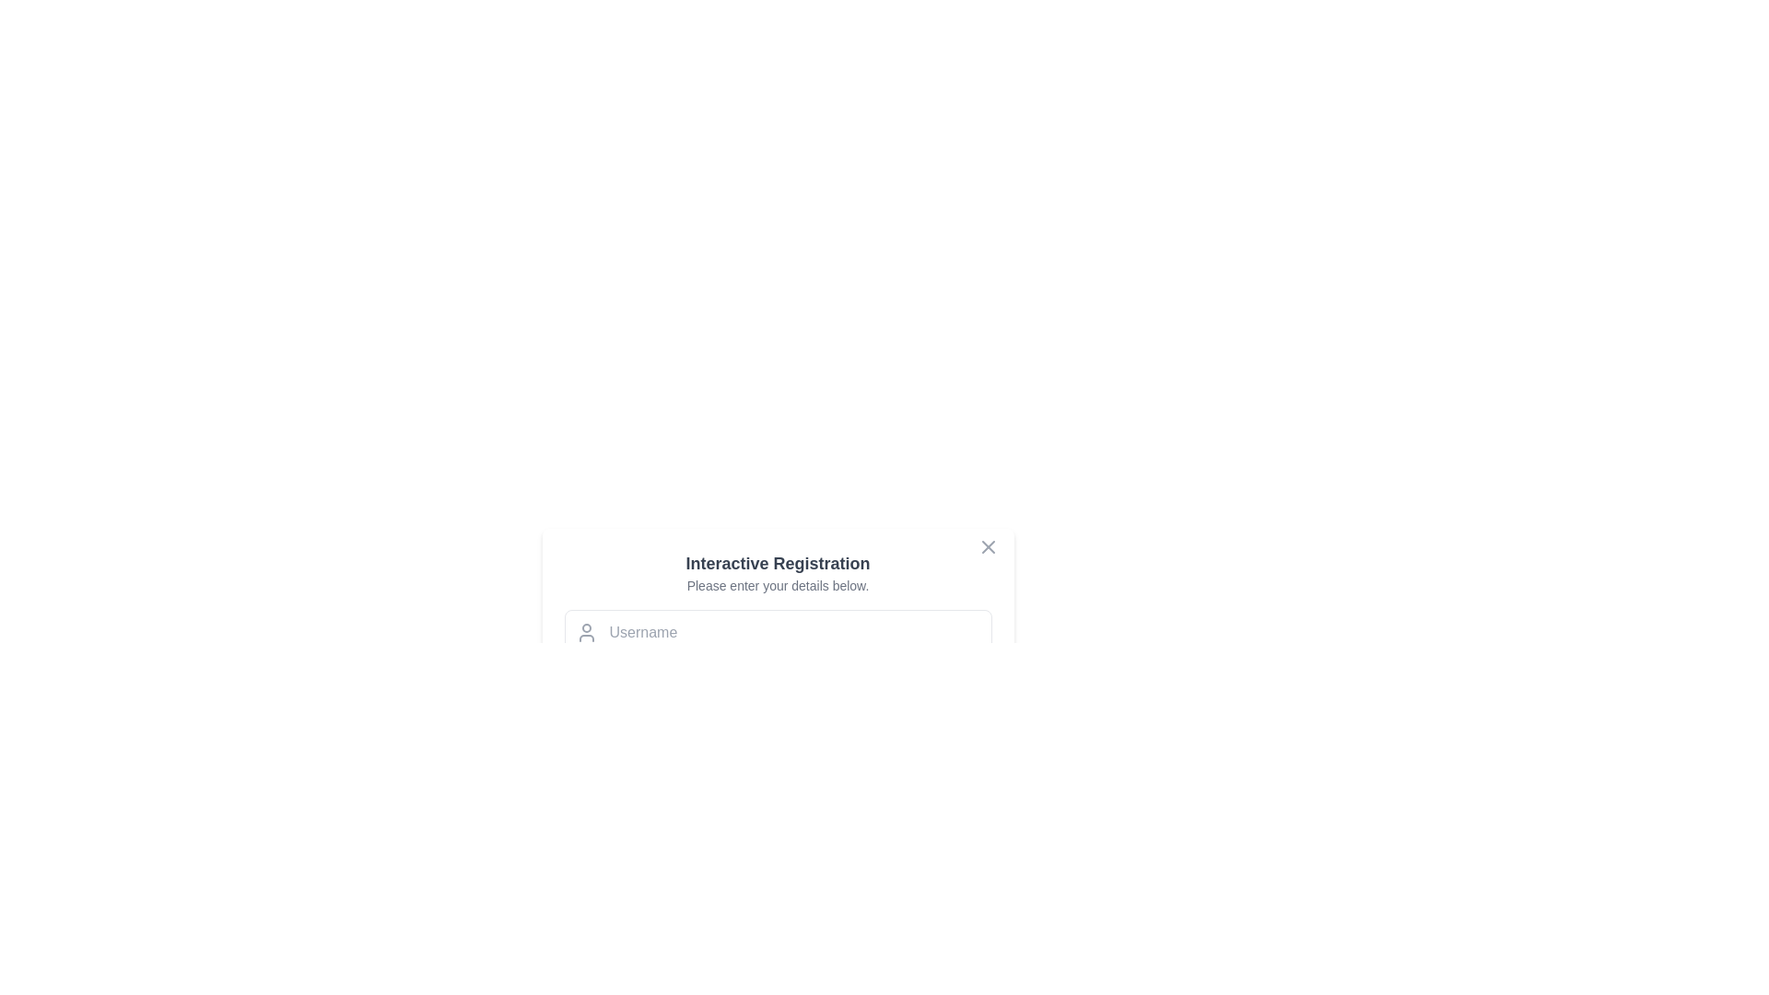 This screenshot has height=995, width=1769. What do you see at coordinates (585, 631) in the screenshot?
I see `the SVG icon representing a user profile, which is located on the left side inside the input field for the 'Username'` at bounding box center [585, 631].